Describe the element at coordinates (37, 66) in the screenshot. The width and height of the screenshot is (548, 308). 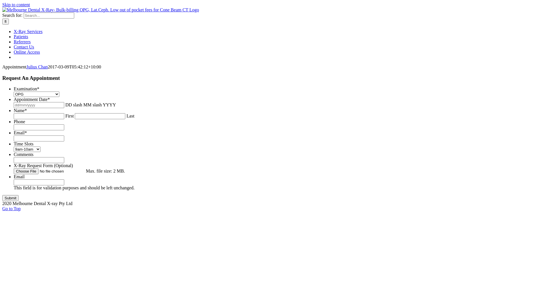
I see `'Julius Chan'` at that location.